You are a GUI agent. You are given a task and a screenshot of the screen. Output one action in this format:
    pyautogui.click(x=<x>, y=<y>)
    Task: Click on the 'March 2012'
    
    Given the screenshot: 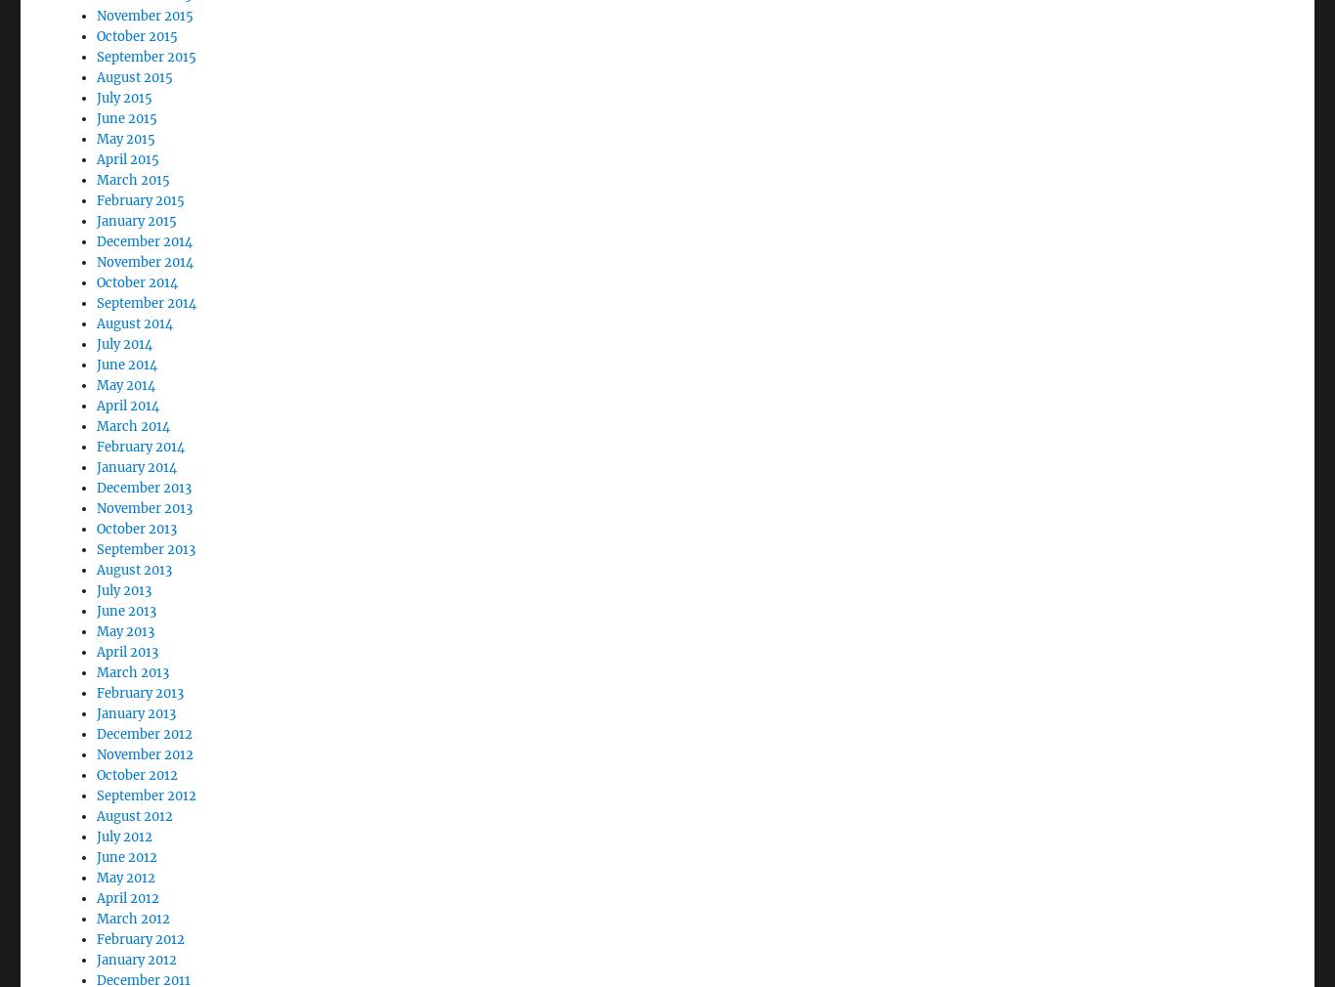 What is the action you would take?
    pyautogui.click(x=132, y=865)
    